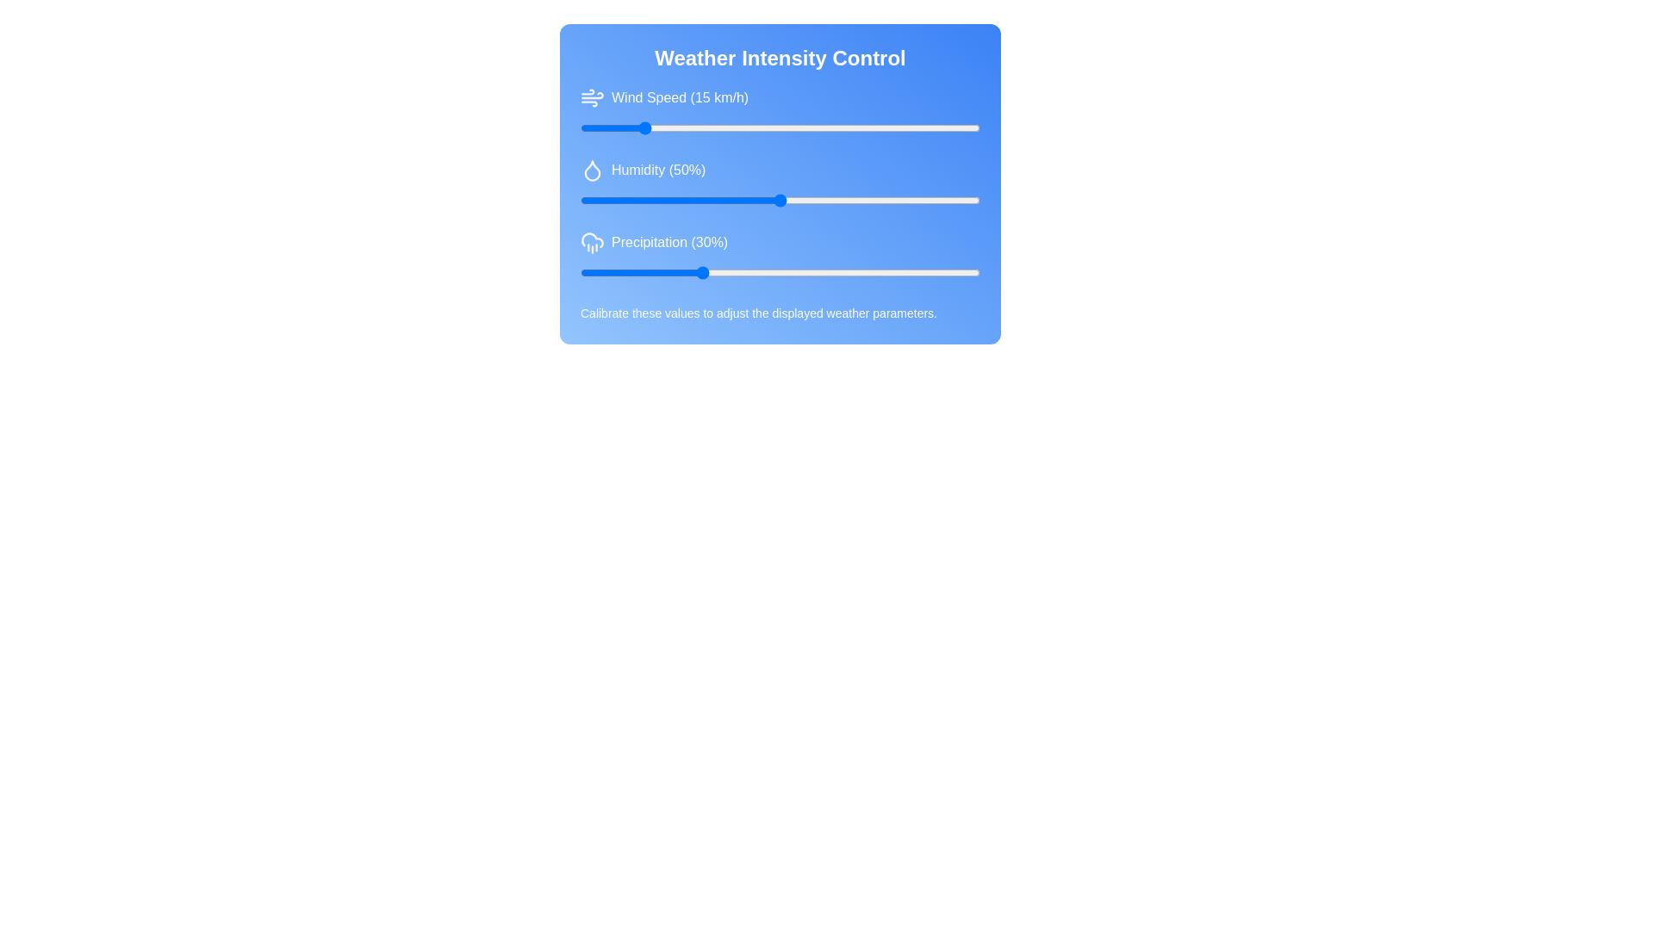  Describe the element at coordinates (915, 127) in the screenshot. I see `the wind speed` at that location.